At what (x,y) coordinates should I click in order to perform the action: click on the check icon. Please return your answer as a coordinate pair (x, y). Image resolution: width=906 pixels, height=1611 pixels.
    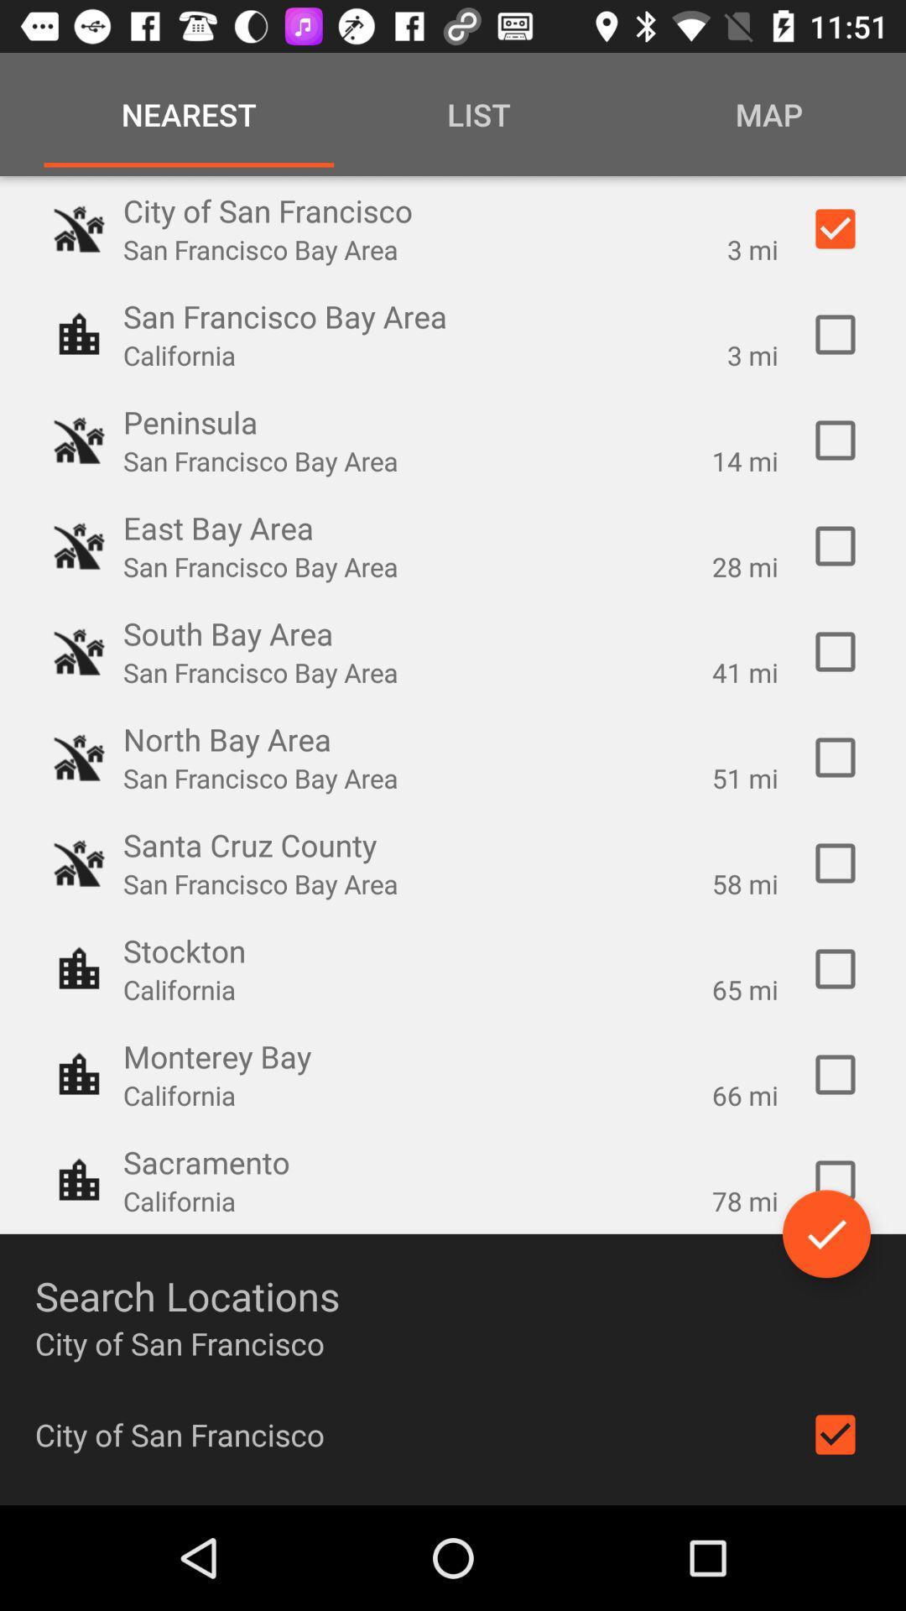
    Looking at the image, I should click on (825, 1233).